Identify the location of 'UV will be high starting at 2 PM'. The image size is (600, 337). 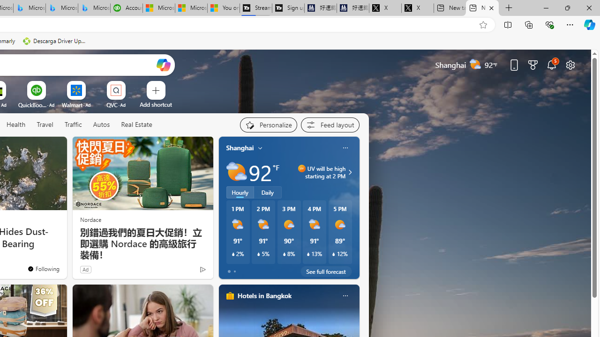
(348, 172).